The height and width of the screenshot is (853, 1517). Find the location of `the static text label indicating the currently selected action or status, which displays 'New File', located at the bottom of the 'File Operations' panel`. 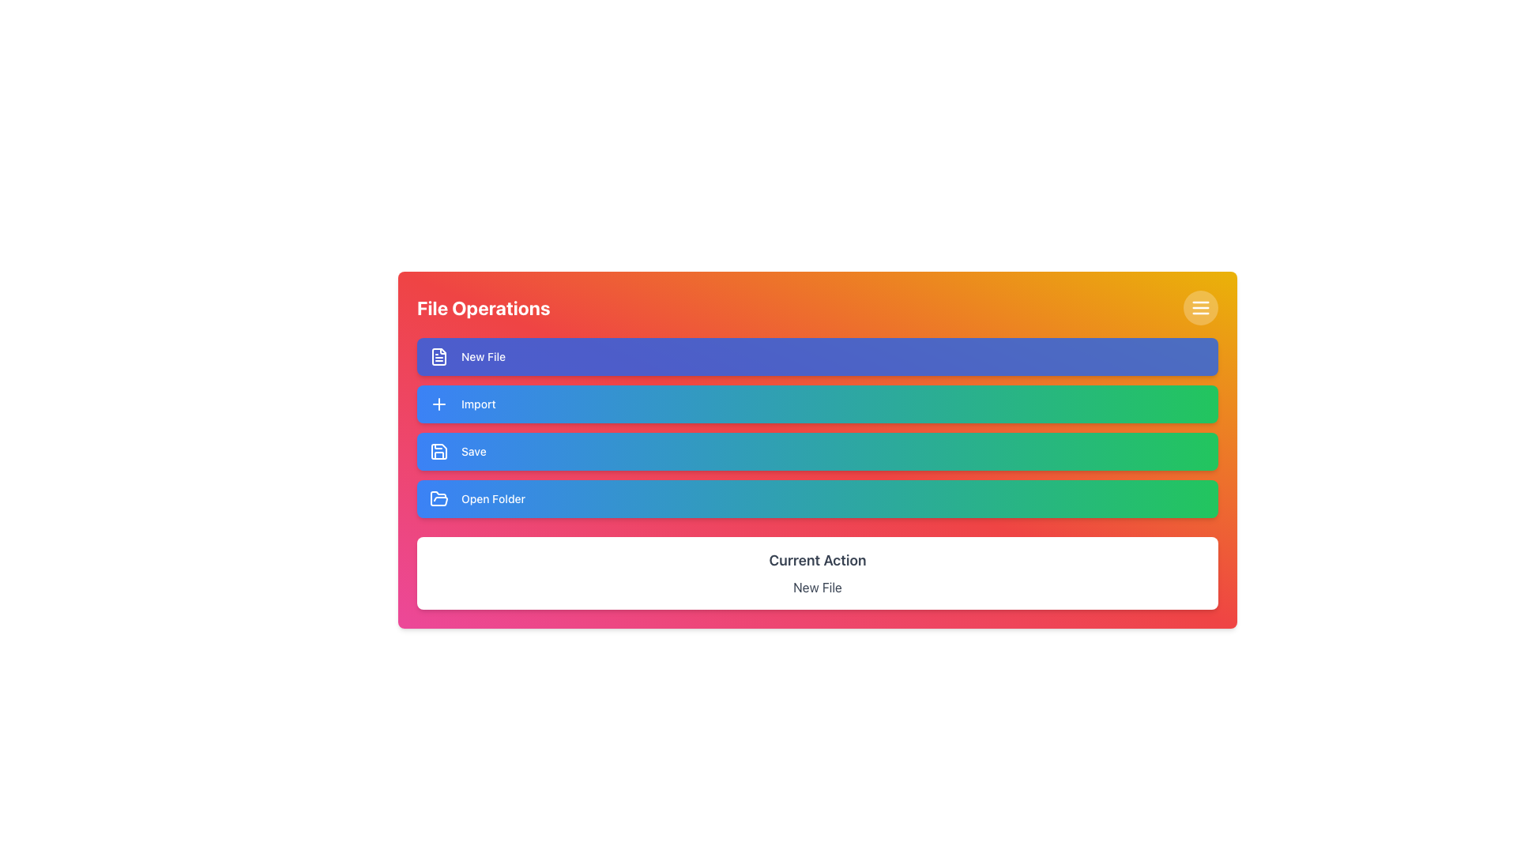

the static text label indicating the currently selected action or status, which displays 'New File', located at the bottom of the 'File Operations' panel is located at coordinates (818, 588).